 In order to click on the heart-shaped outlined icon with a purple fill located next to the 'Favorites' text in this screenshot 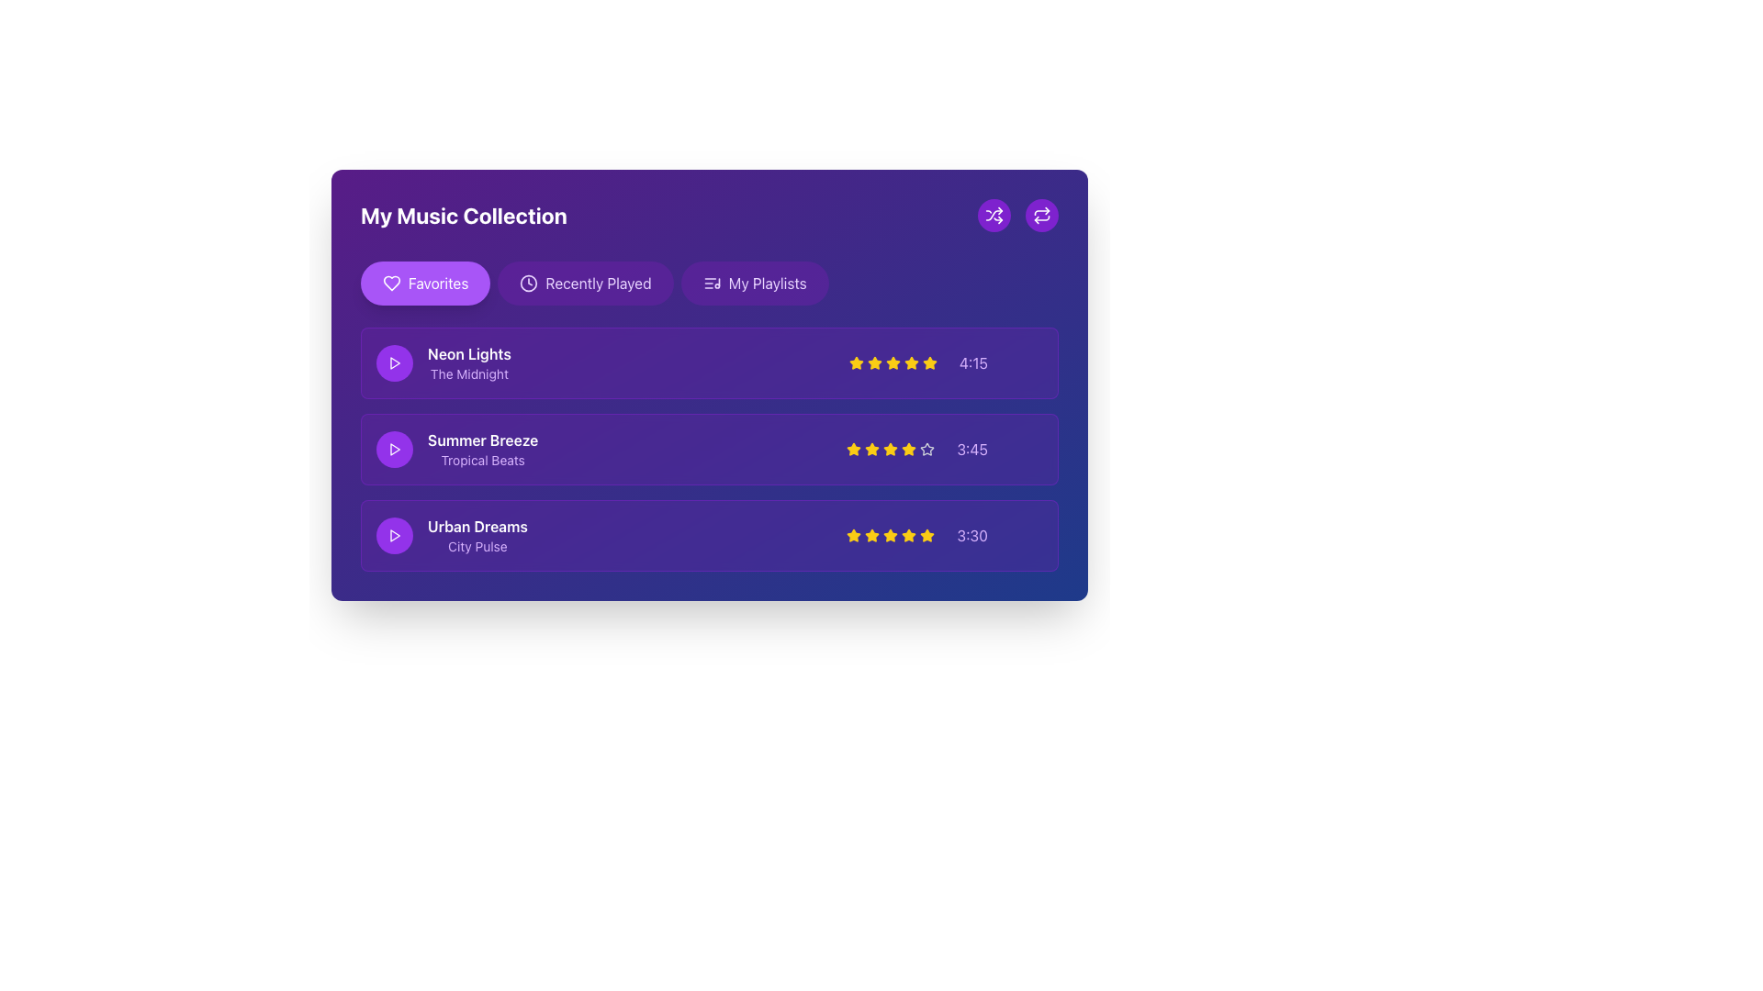, I will do `click(391, 283)`.